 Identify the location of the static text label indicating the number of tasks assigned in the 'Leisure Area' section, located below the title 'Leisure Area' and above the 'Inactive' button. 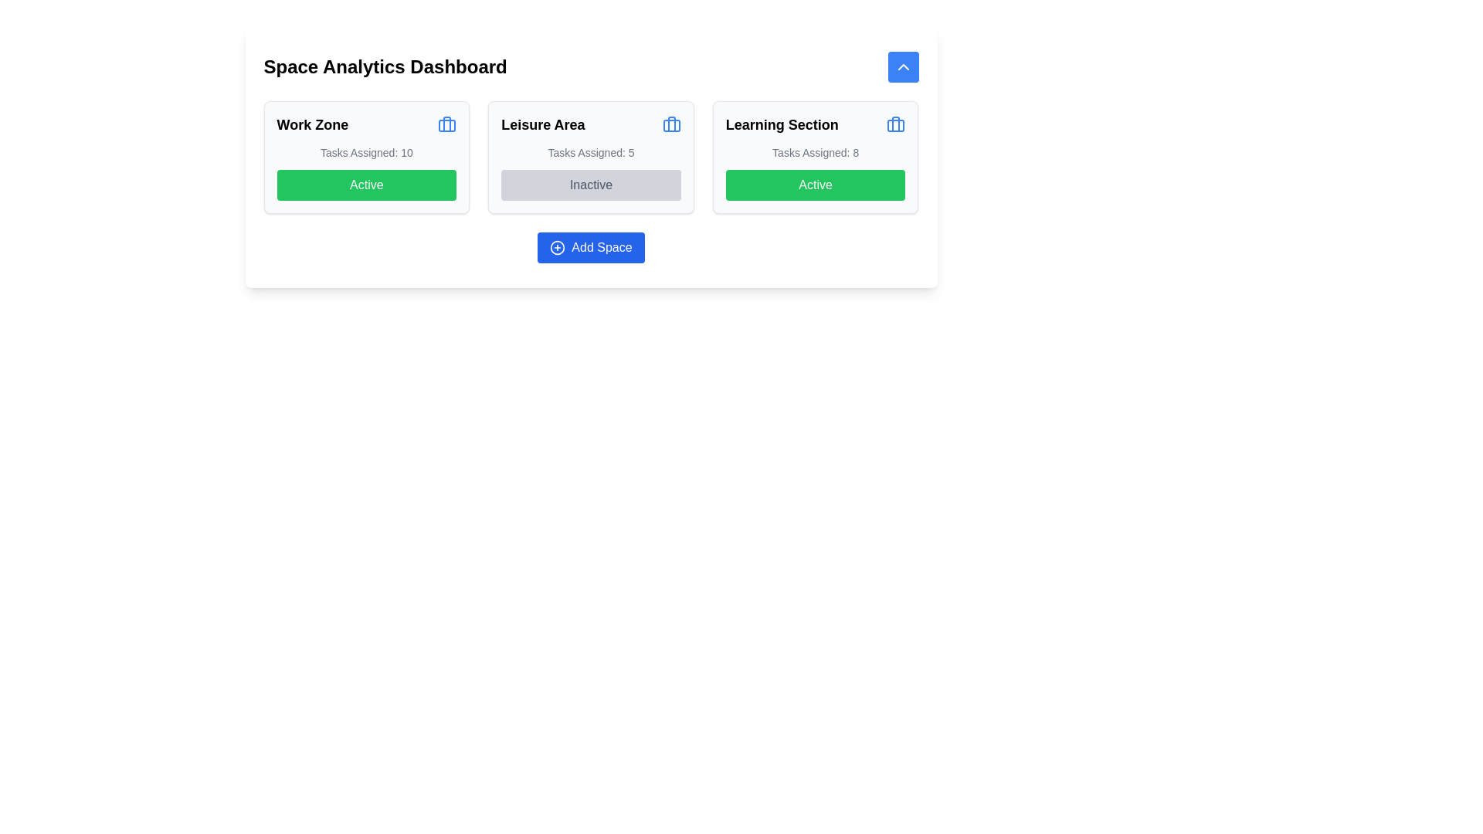
(590, 152).